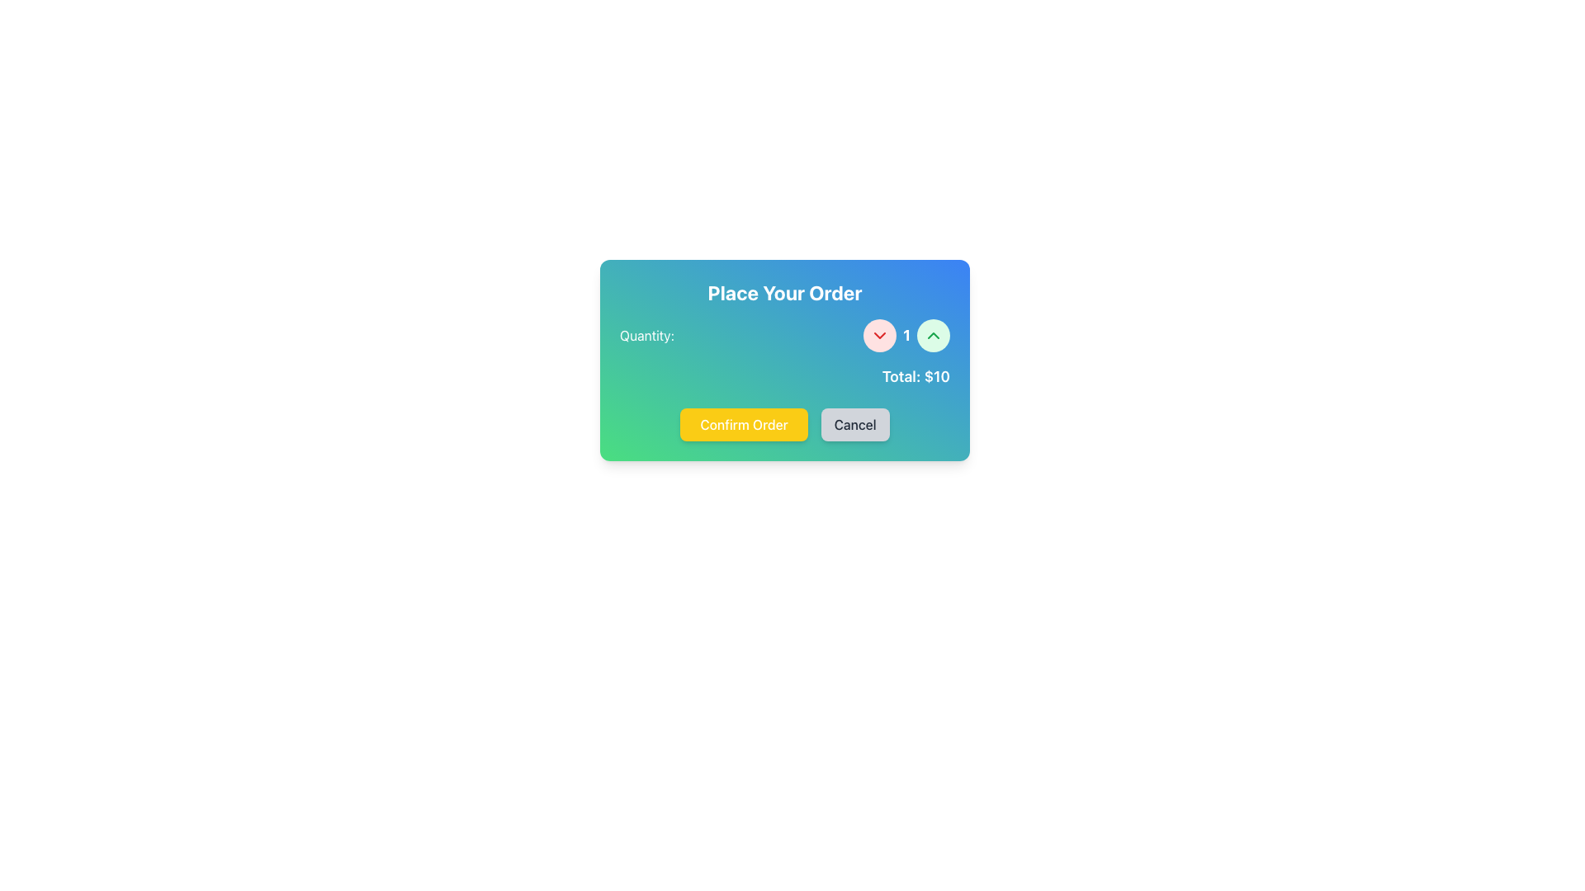 The height and width of the screenshot is (891, 1585). What do you see at coordinates (934, 335) in the screenshot?
I see `the increment button located on the right side of the quantity selector` at bounding box center [934, 335].